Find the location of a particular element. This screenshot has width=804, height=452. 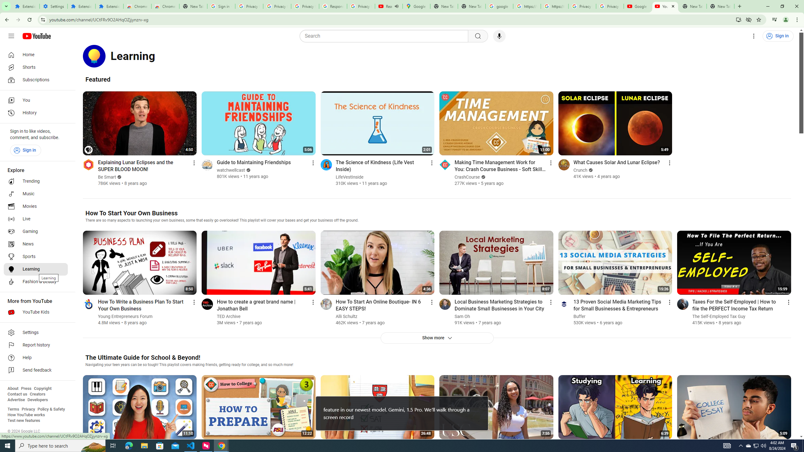

'Show more' is located at coordinates (437, 338).